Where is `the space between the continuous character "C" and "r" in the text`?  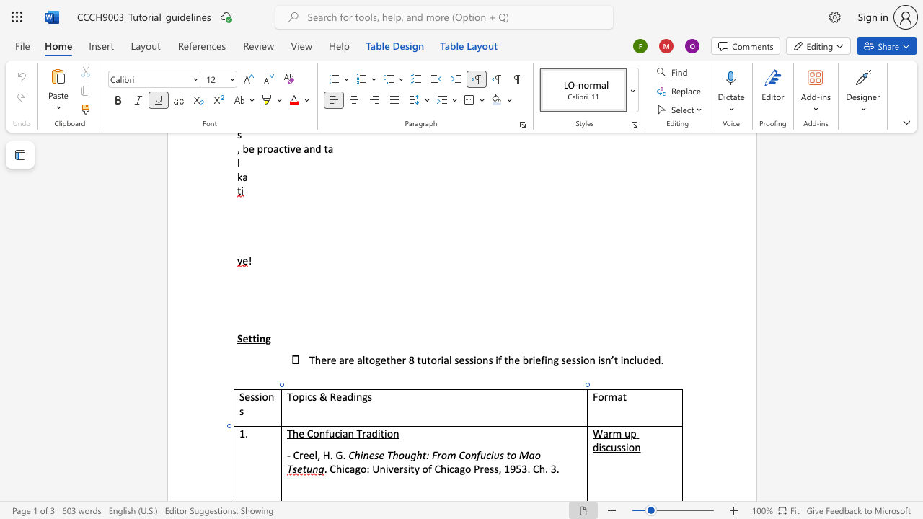
the space between the continuous character "C" and "r" in the text is located at coordinates (298, 455).